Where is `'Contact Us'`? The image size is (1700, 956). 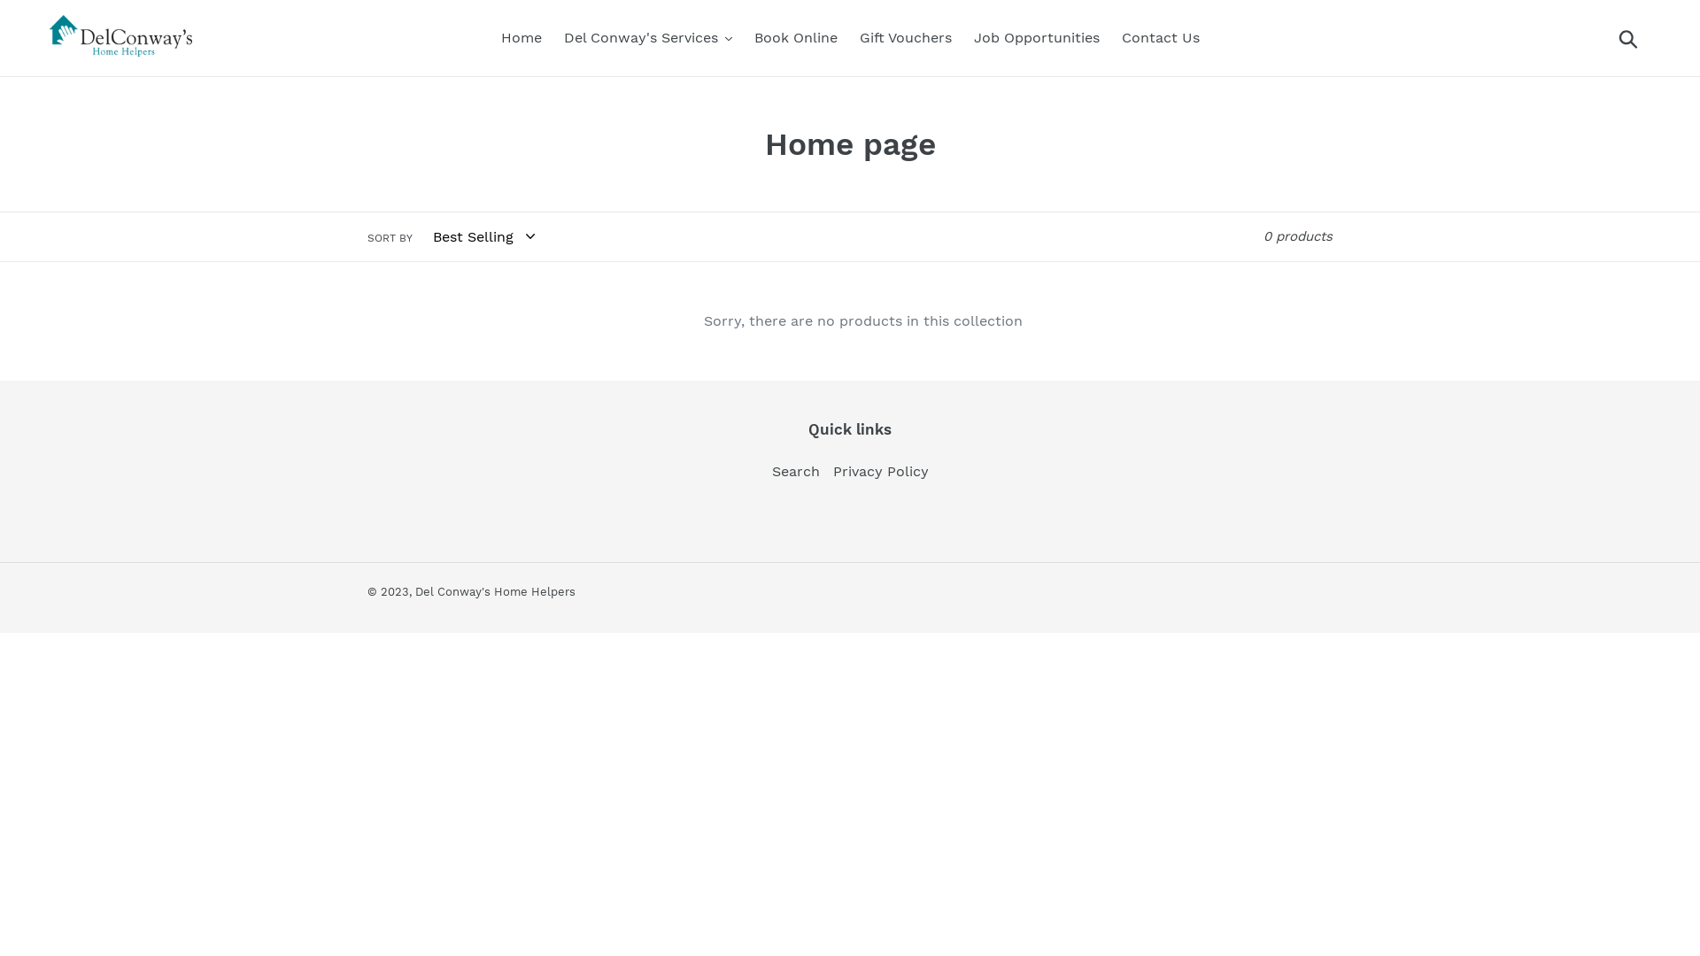
'Contact Us' is located at coordinates (1160, 37).